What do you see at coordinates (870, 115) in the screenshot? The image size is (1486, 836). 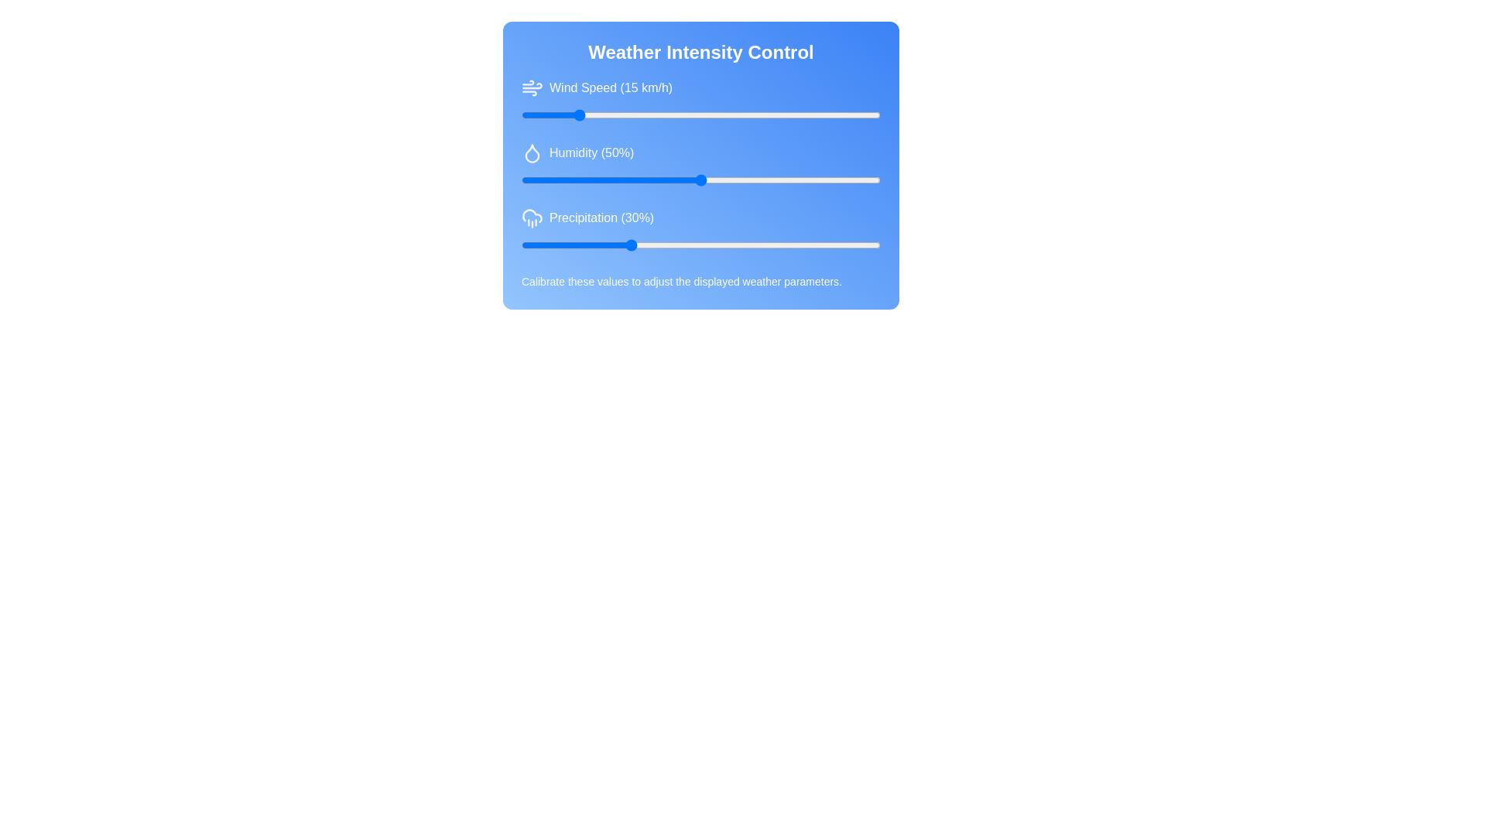 I see `the wind speed` at bounding box center [870, 115].